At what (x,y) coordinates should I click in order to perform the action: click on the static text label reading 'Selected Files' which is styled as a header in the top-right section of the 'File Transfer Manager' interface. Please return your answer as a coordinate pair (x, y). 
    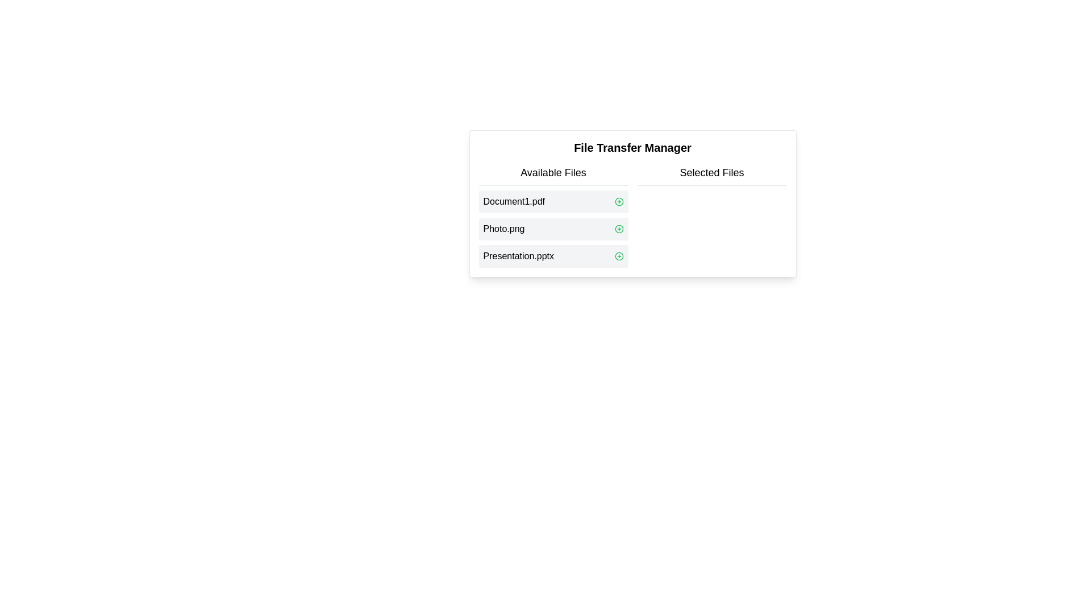
    Looking at the image, I should click on (711, 175).